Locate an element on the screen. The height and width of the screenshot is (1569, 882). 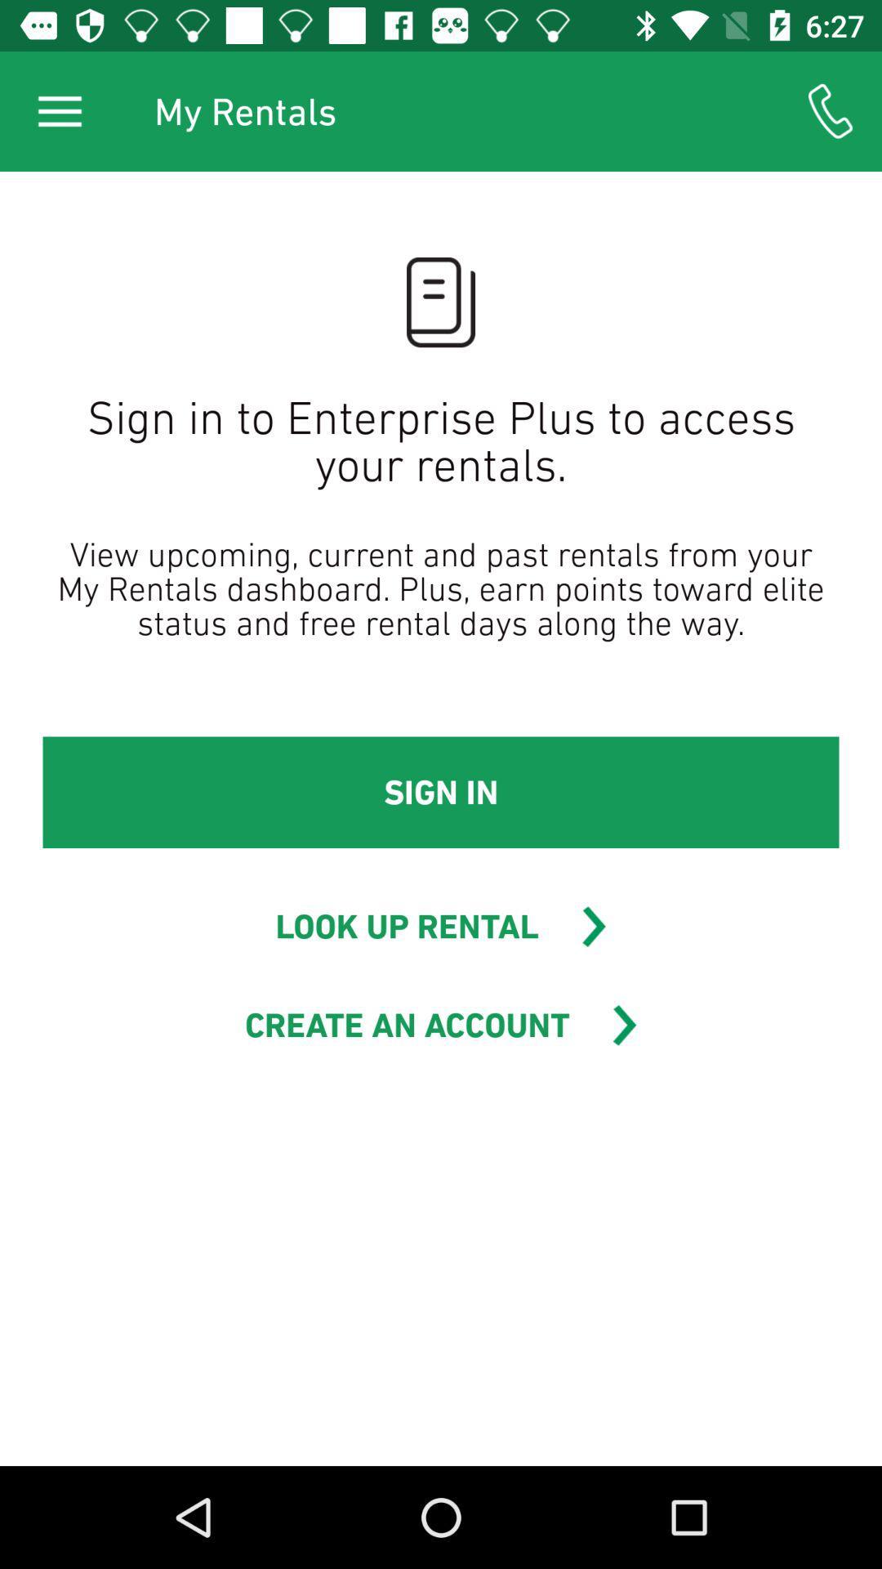
the icon above sign in to is located at coordinates (59, 110).